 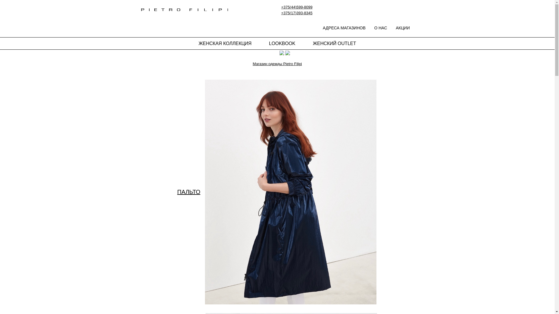 What do you see at coordinates (281, 7) in the screenshot?
I see `'+375(44)599-8099'` at bounding box center [281, 7].